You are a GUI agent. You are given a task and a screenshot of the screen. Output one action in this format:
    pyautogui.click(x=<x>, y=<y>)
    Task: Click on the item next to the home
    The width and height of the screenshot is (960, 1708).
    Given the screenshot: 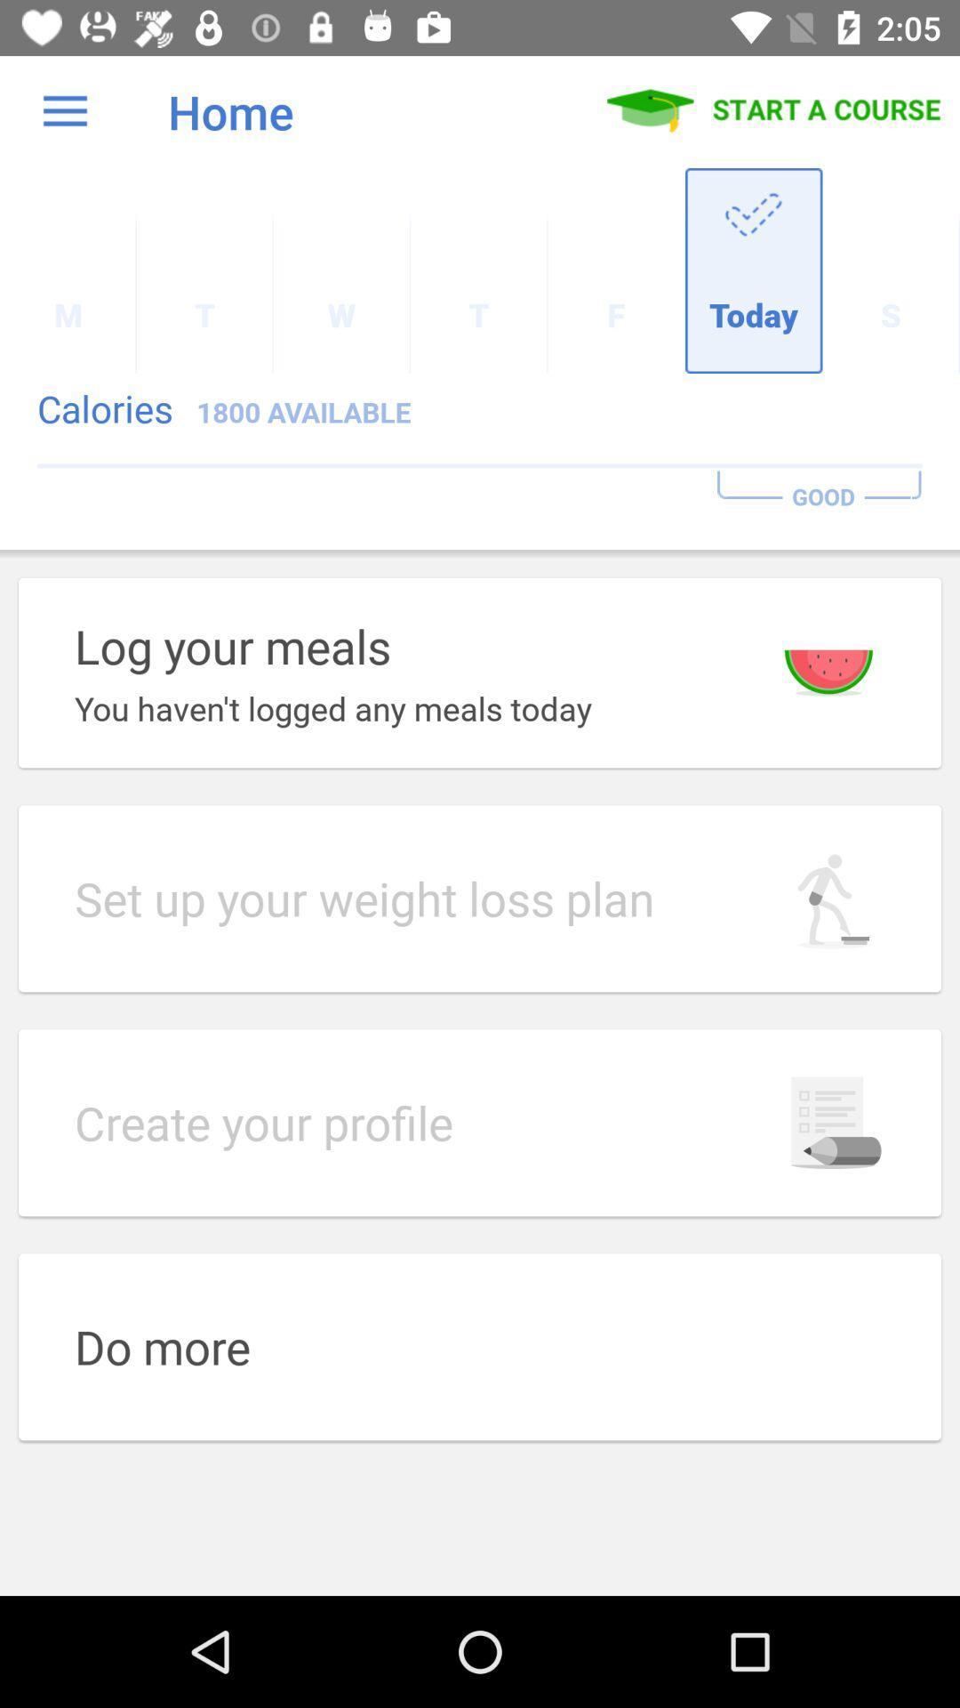 What is the action you would take?
    pyautogui.click(x=773, y=110)
    